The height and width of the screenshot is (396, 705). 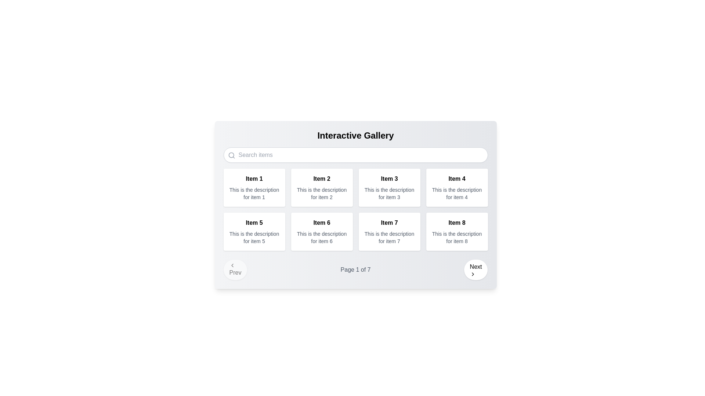 What do you see at coordinates (456, 223) in the screenshot?
I see `the 'Item 8' text label` at bounding box center [456, 223].